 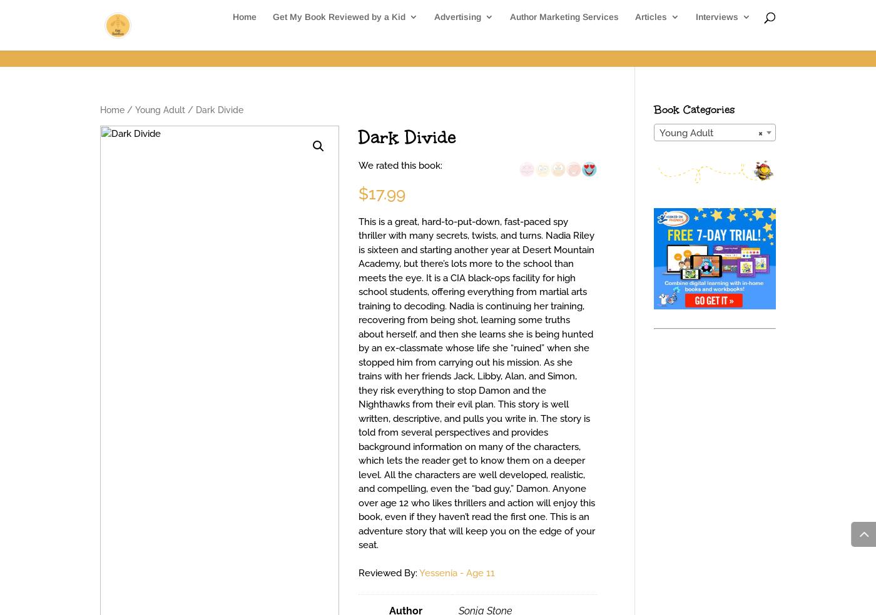 I want to click on 'Book Categories', so click(x=693, y=109).